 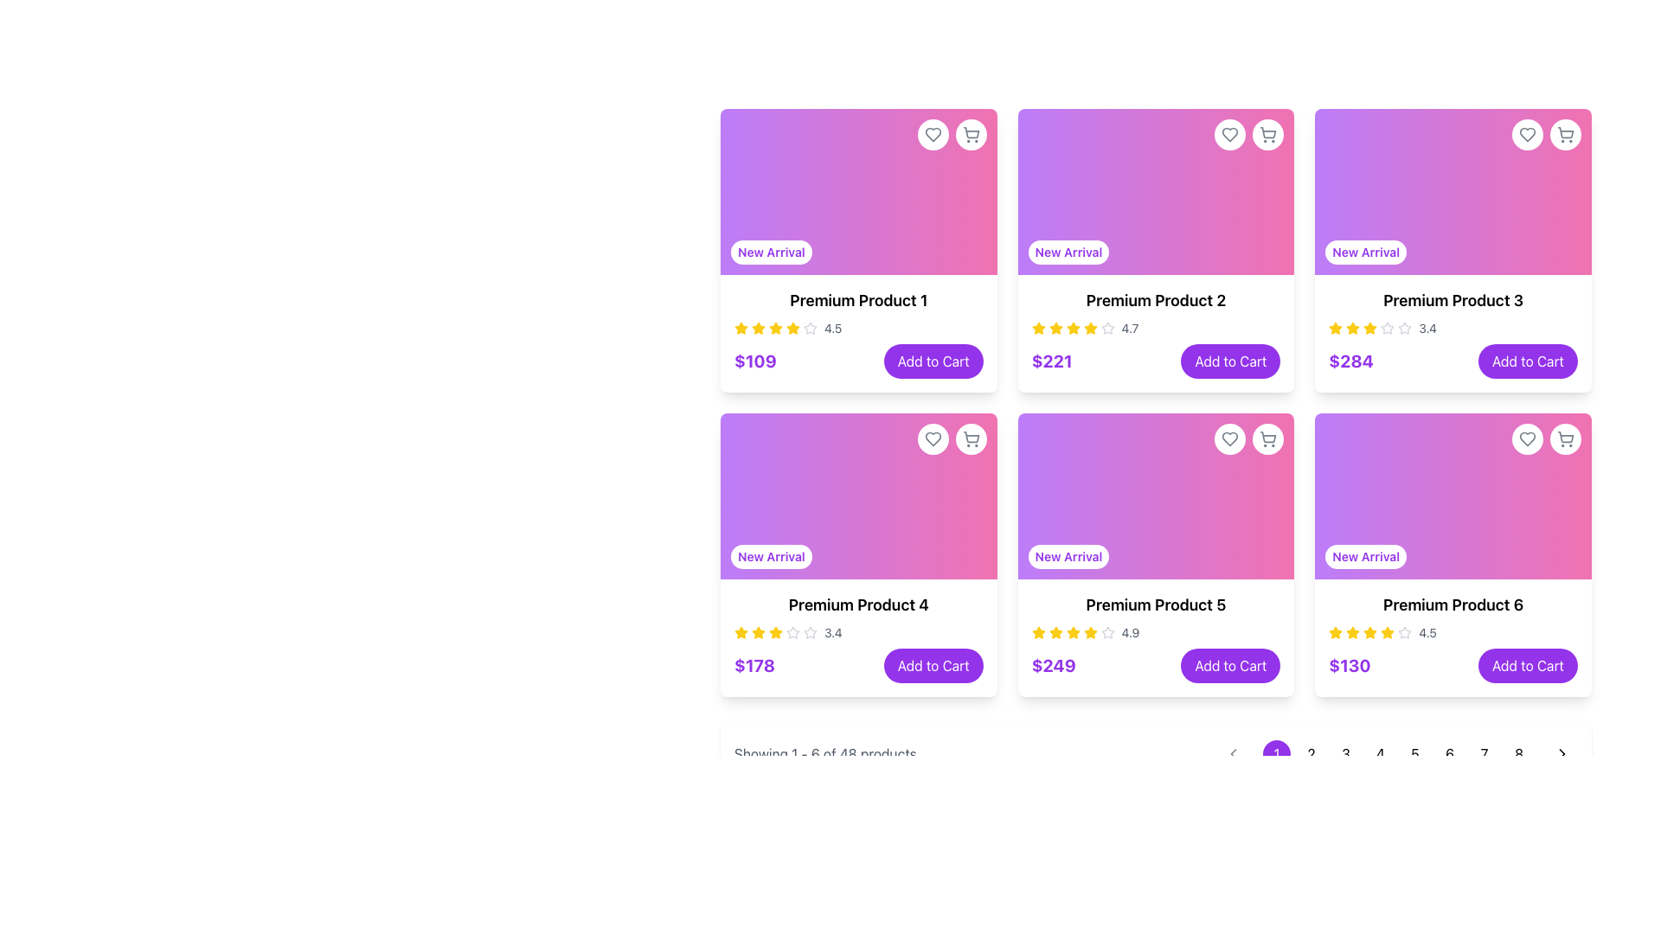 I want to click on the fourth pagination button located at the bottom-right of the page, so click(x=1380, y=752).